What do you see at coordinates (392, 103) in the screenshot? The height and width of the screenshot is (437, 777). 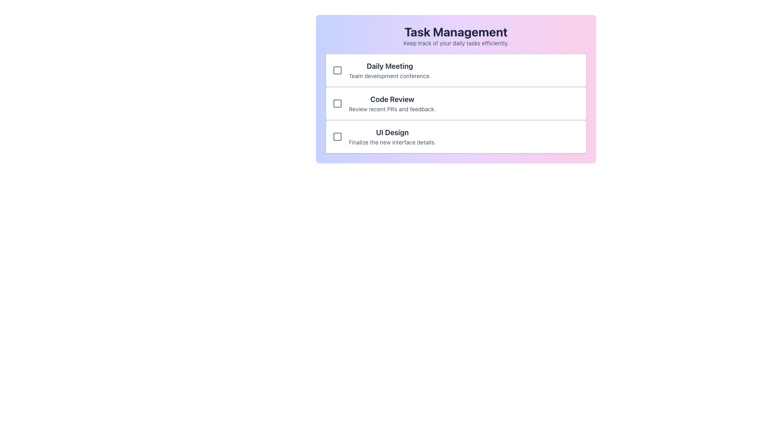 I see `the text label titled 'Code Review' located in the second item of the vertically stacked list in the task management interface, which contains the subtitle 'Review recent PRs and feedback.'` at bounding box center [392, 103].